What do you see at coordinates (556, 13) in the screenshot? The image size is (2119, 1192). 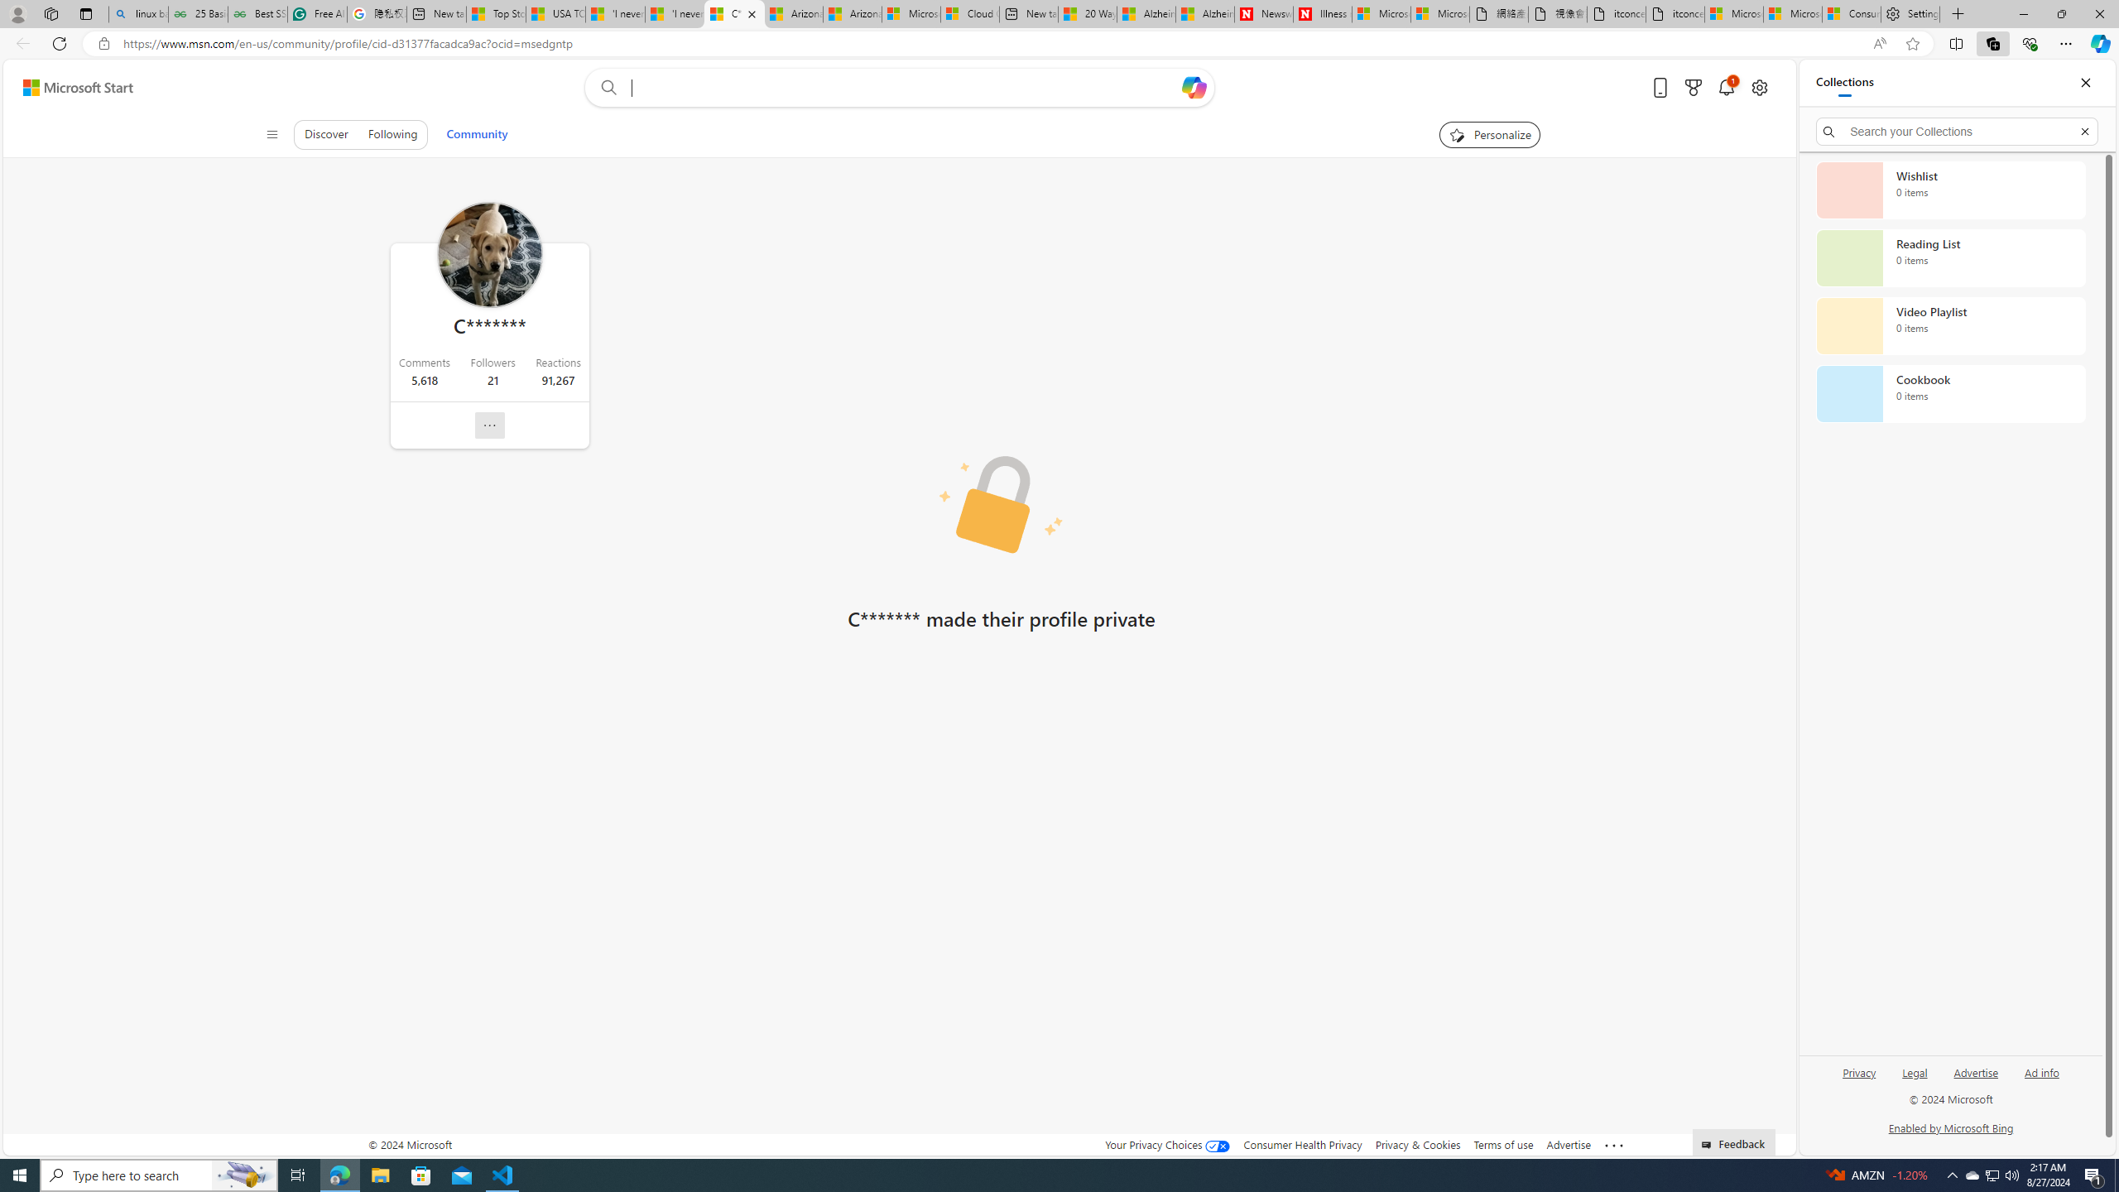 I see `'USA TODAY - MSN'` at bounding box center [556, 13].